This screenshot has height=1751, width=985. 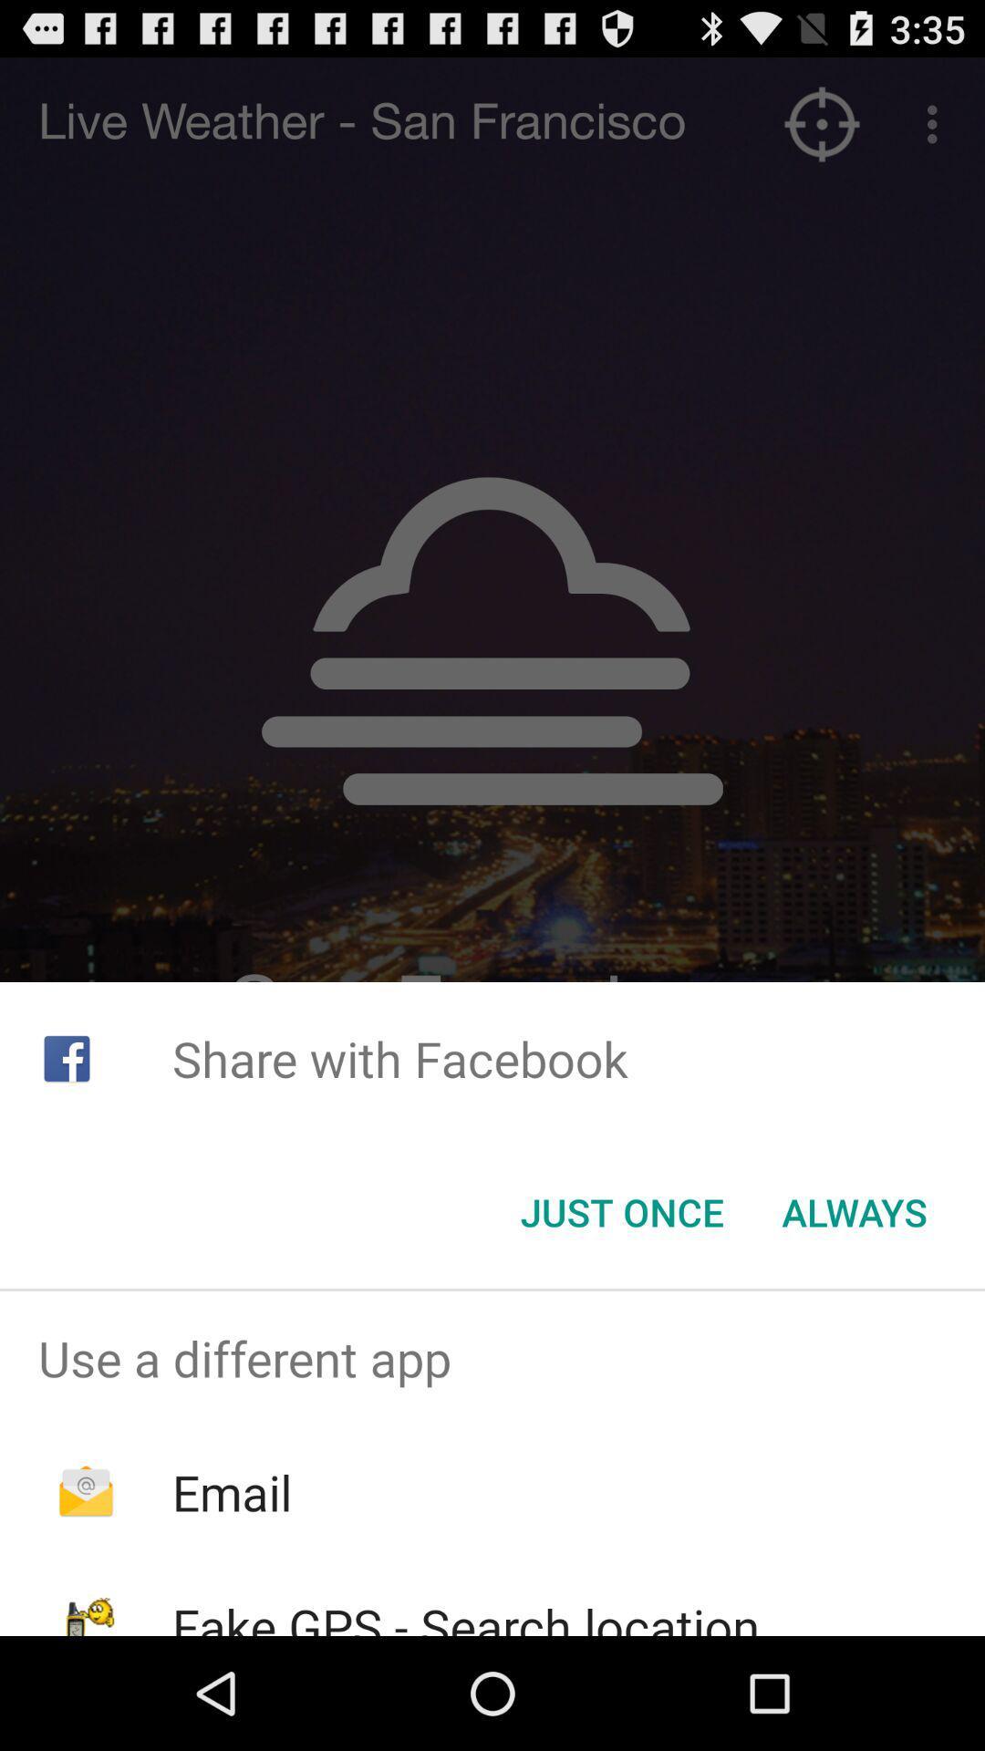 I want to click on always at the bottom right corner, so click(x=855, y=1212).